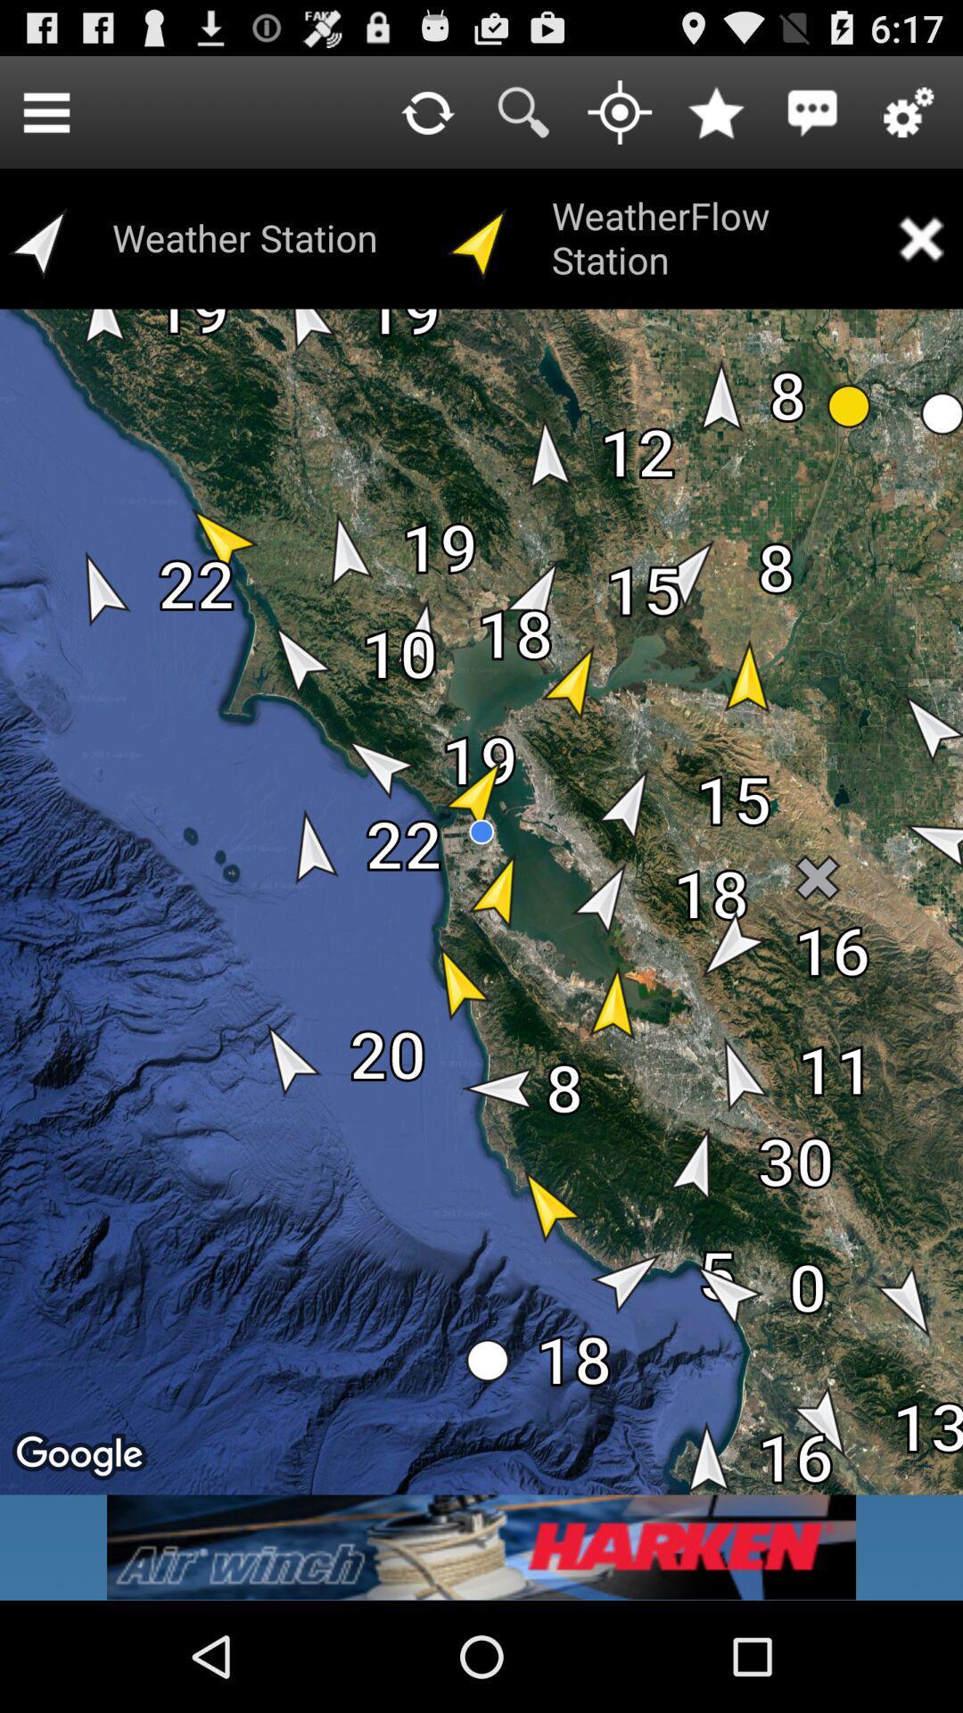 The image size is (963, 1713). Describe the element at coordinates (920, 254) in the screenshot. I see `the close icon` at that location.